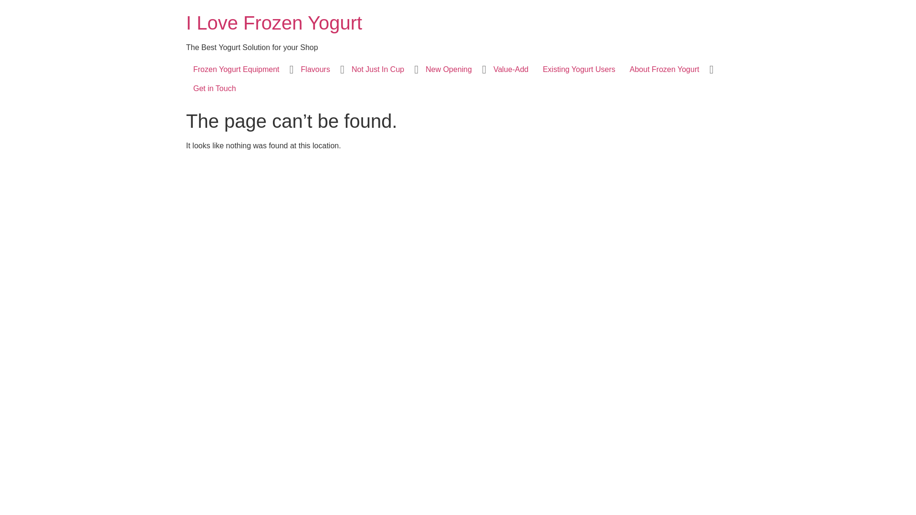  I want to click on 'Flavours', so click(315, 69).